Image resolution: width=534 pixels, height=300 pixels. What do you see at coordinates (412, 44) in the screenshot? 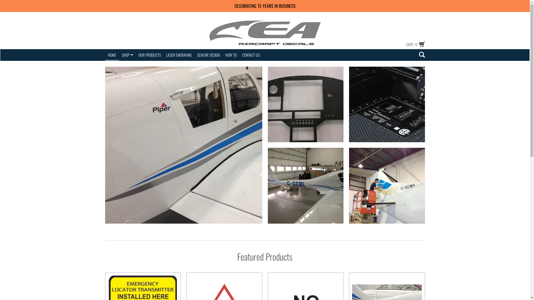
I see `'CART  0  '` at bounding box center [412, 44].